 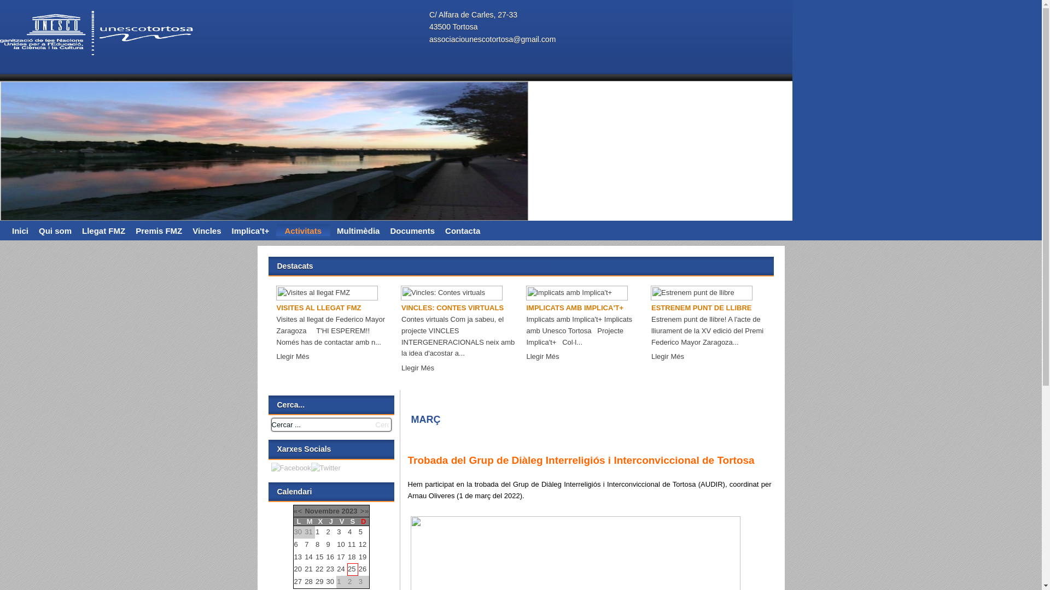 What do you see at coordinates (381, 424) in the screenshot?
I see `'Cercar'` at bounding box center [381, 424].